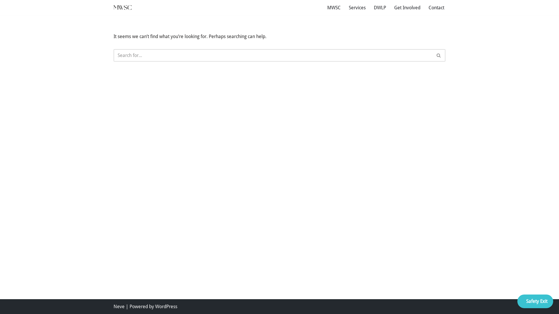 Image resolution: width=559 pixels, height=314 pixels. I want to click on 'MWSC', so click(327, 8).